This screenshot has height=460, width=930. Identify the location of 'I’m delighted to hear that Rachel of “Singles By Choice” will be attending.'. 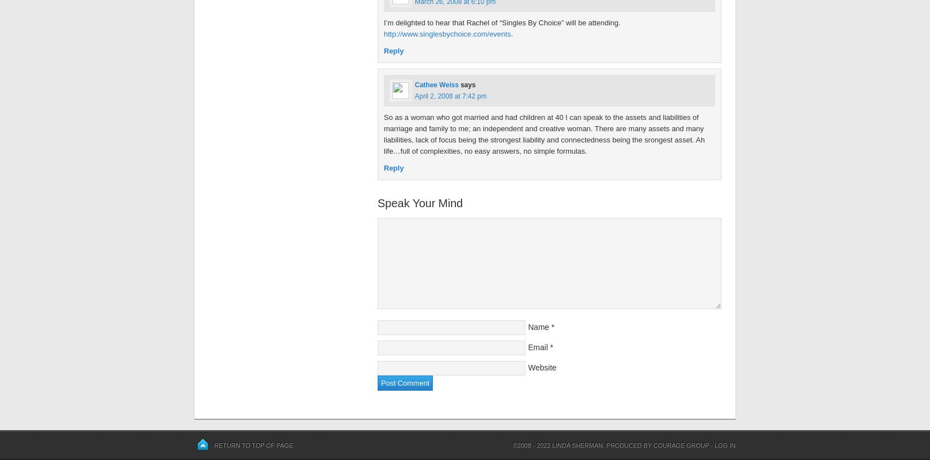
(502, 22).